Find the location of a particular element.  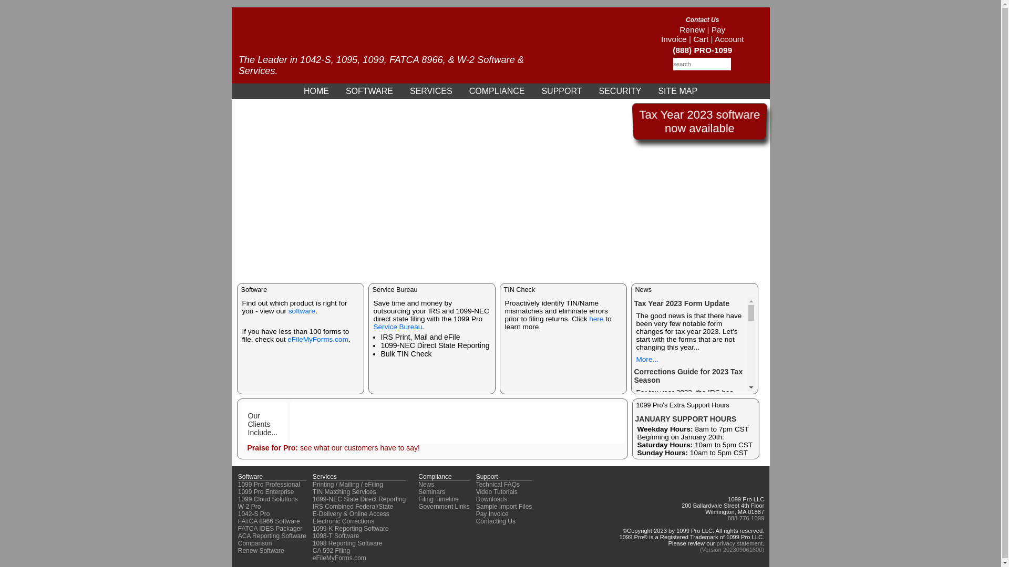

'FATCA 8966 Software' is located at coordinates (269, 521).